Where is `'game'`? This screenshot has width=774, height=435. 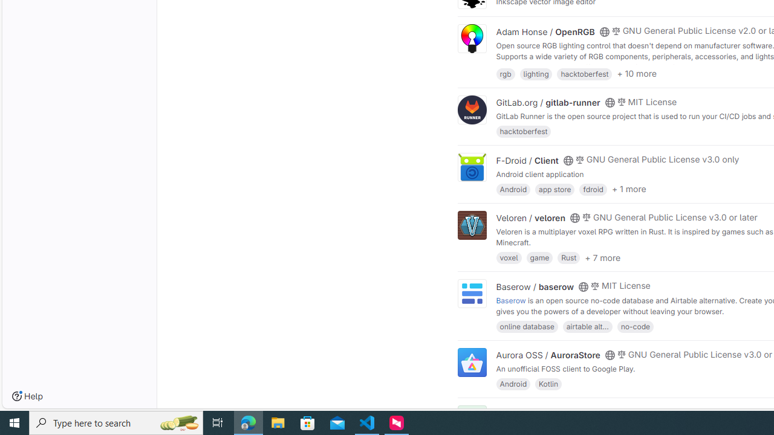
'game' is located at coordinates (539, 257).